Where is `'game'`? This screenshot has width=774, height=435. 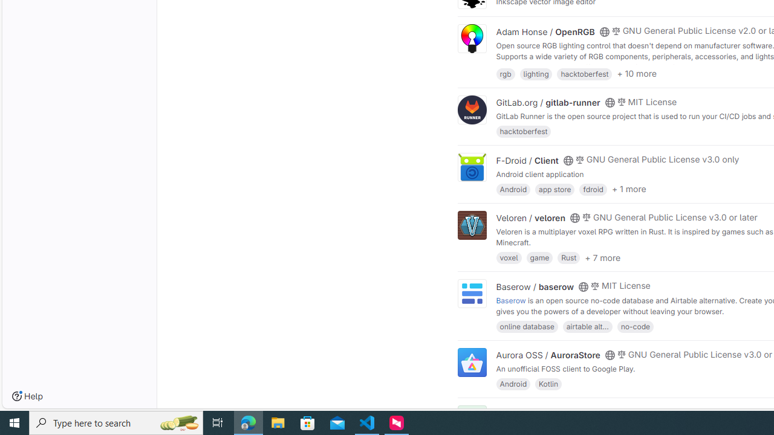
'game' is located at coordinates (539, 257).